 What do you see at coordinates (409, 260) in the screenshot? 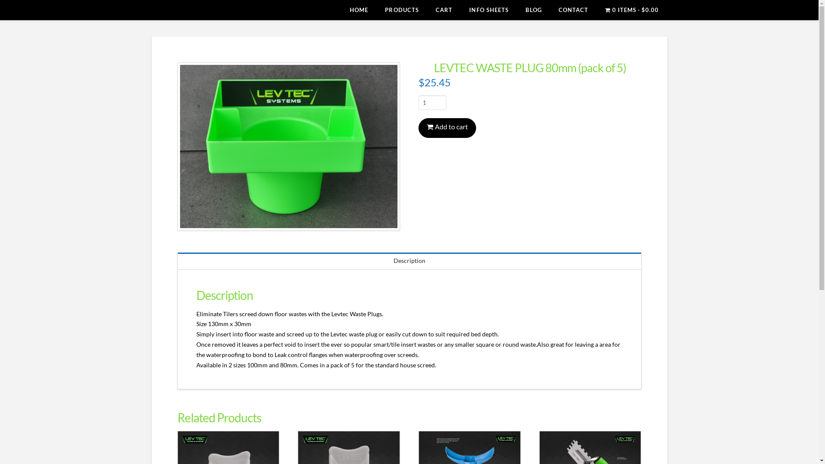
I see `'Description'` at bounding box center [409, 260].